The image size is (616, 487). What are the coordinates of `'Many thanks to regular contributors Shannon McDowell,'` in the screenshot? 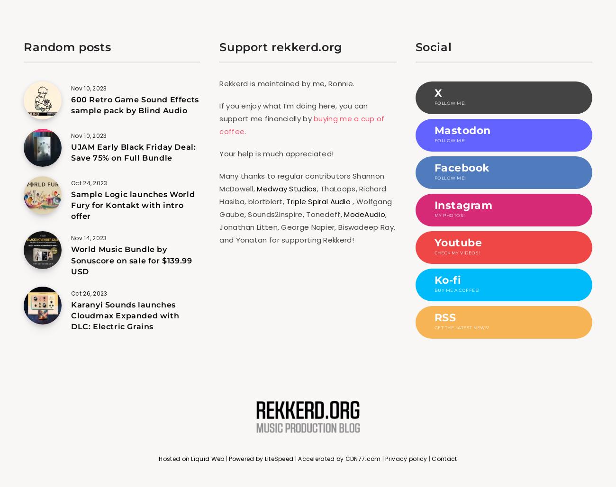 It's located at (302, 181).